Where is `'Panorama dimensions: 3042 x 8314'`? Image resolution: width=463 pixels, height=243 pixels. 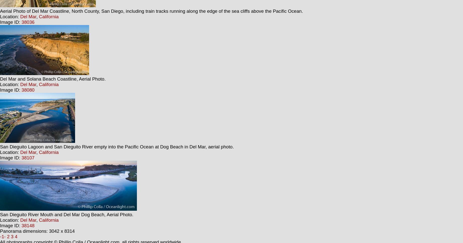 'Panorama dimensions: 3042 x 8314' is located at coordinates (37, 231).